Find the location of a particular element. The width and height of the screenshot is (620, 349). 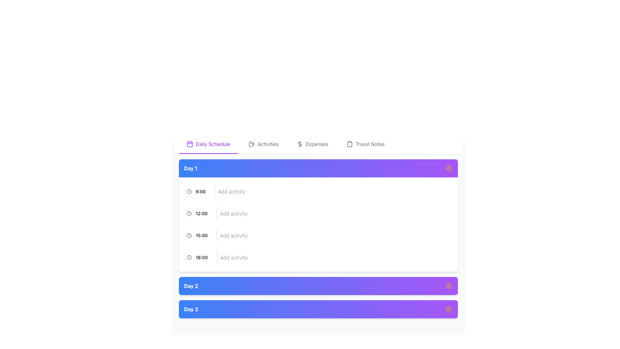

the clipboard icon located next to the 'Travel Notes' label in the top navigation bar, which features a simple outline and rounded edges is located at coordinates (349, 144).